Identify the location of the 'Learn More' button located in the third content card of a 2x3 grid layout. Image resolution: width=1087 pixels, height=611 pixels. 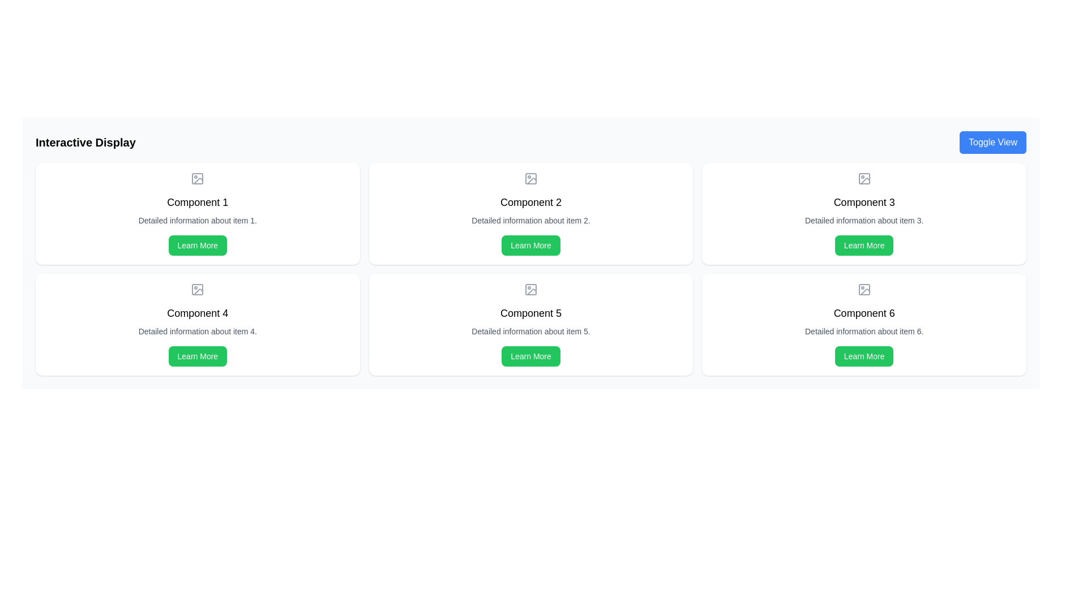
(863, 245).